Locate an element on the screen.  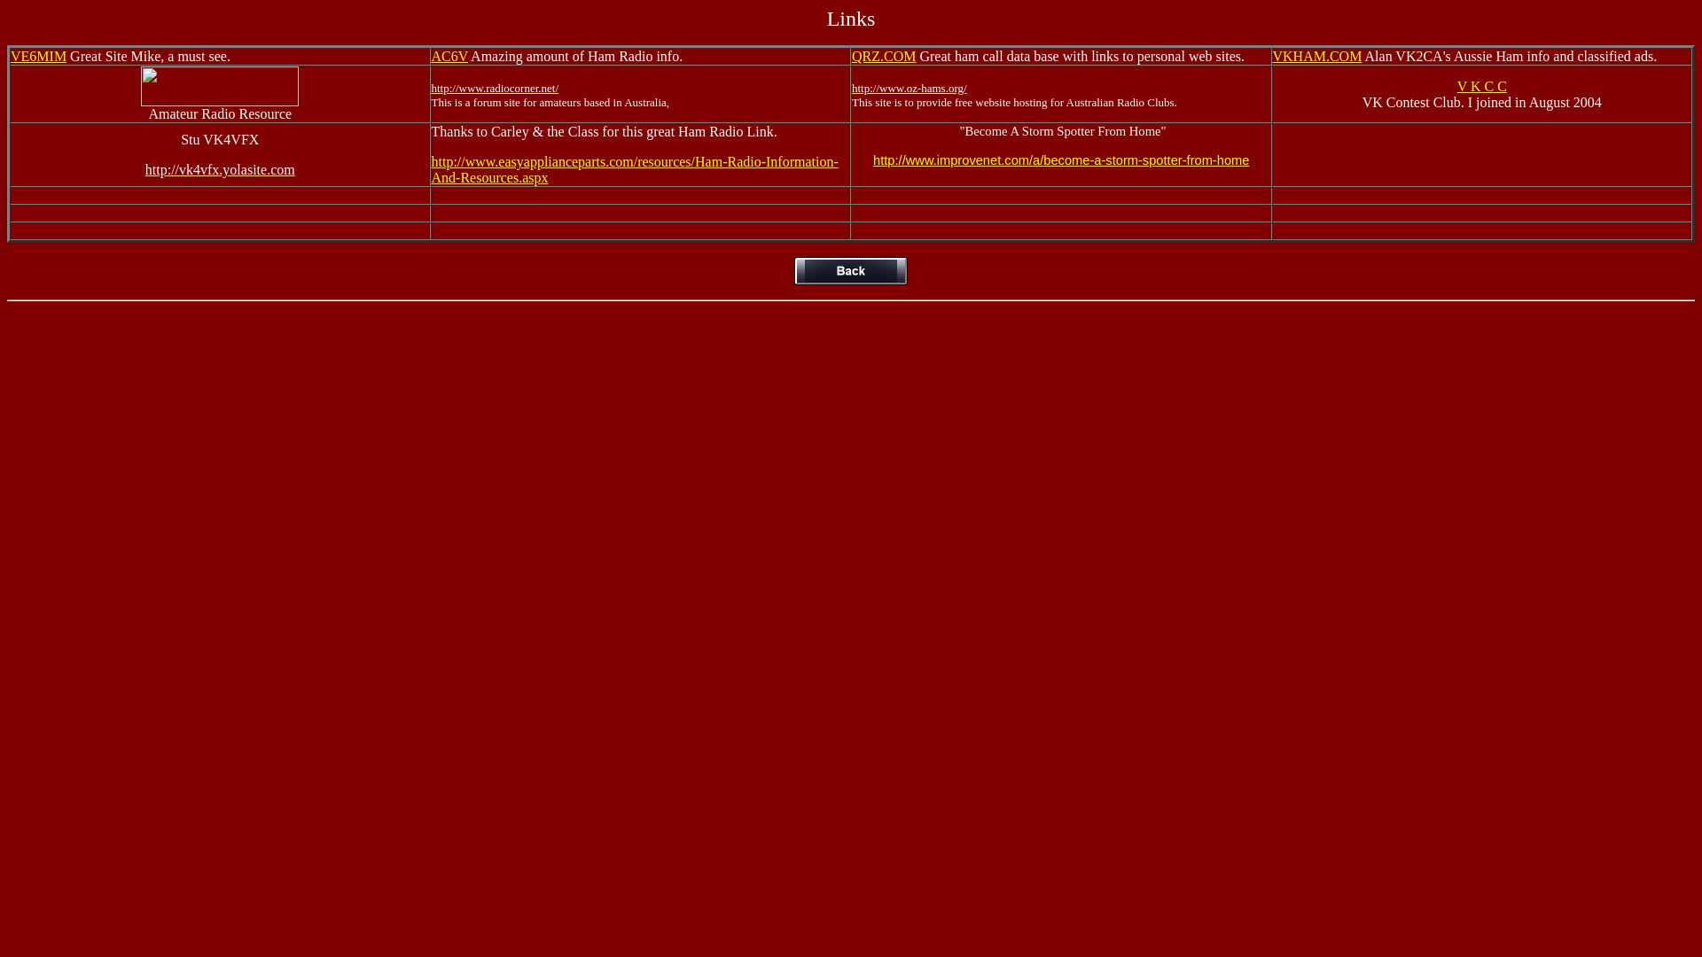
'http://www.improvenet.com/a/become-a-storm-spotter-from-home' is located at coordinates (1060, 160).